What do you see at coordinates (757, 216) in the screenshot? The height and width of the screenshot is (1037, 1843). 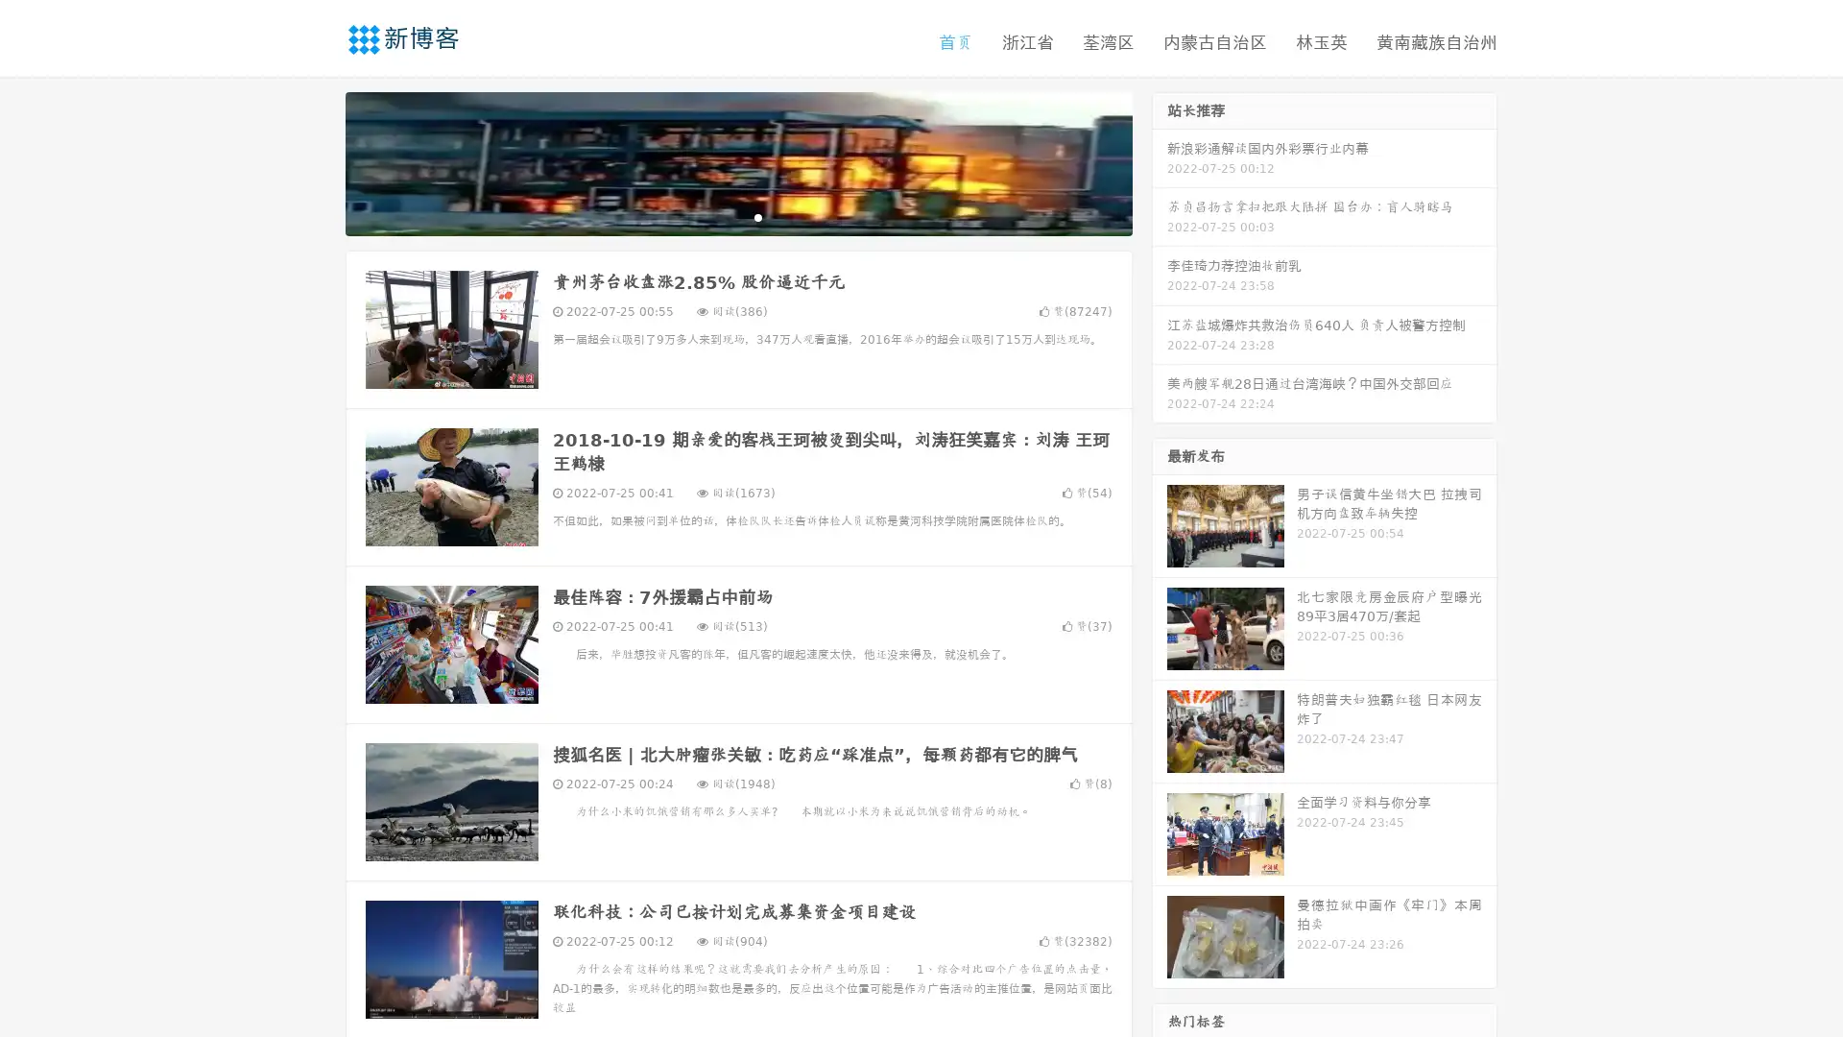 I see `Go to slide 3` at bounding box center [757, 216].